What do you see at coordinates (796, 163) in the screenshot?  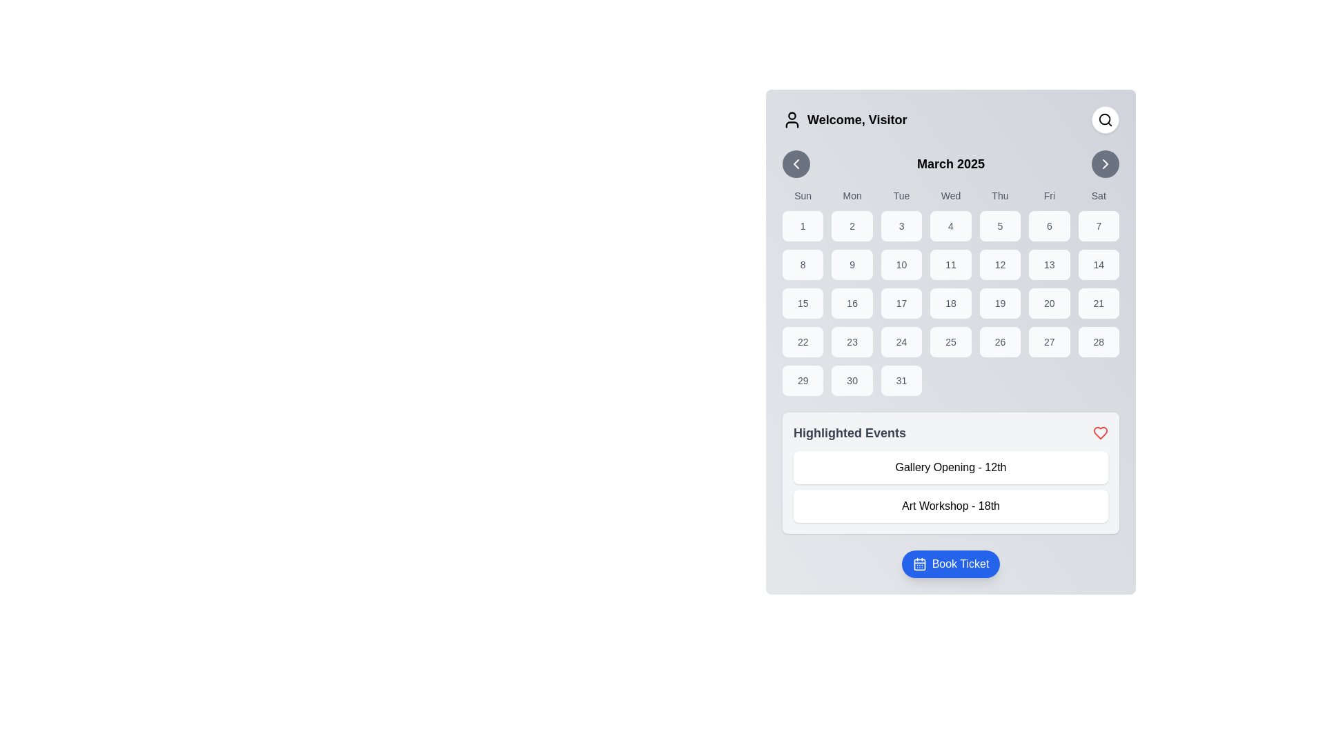 I see `the button located to the left of the text 'March 2025' in the upper left corner of the calendar interface` at bounding box center [796, 163].